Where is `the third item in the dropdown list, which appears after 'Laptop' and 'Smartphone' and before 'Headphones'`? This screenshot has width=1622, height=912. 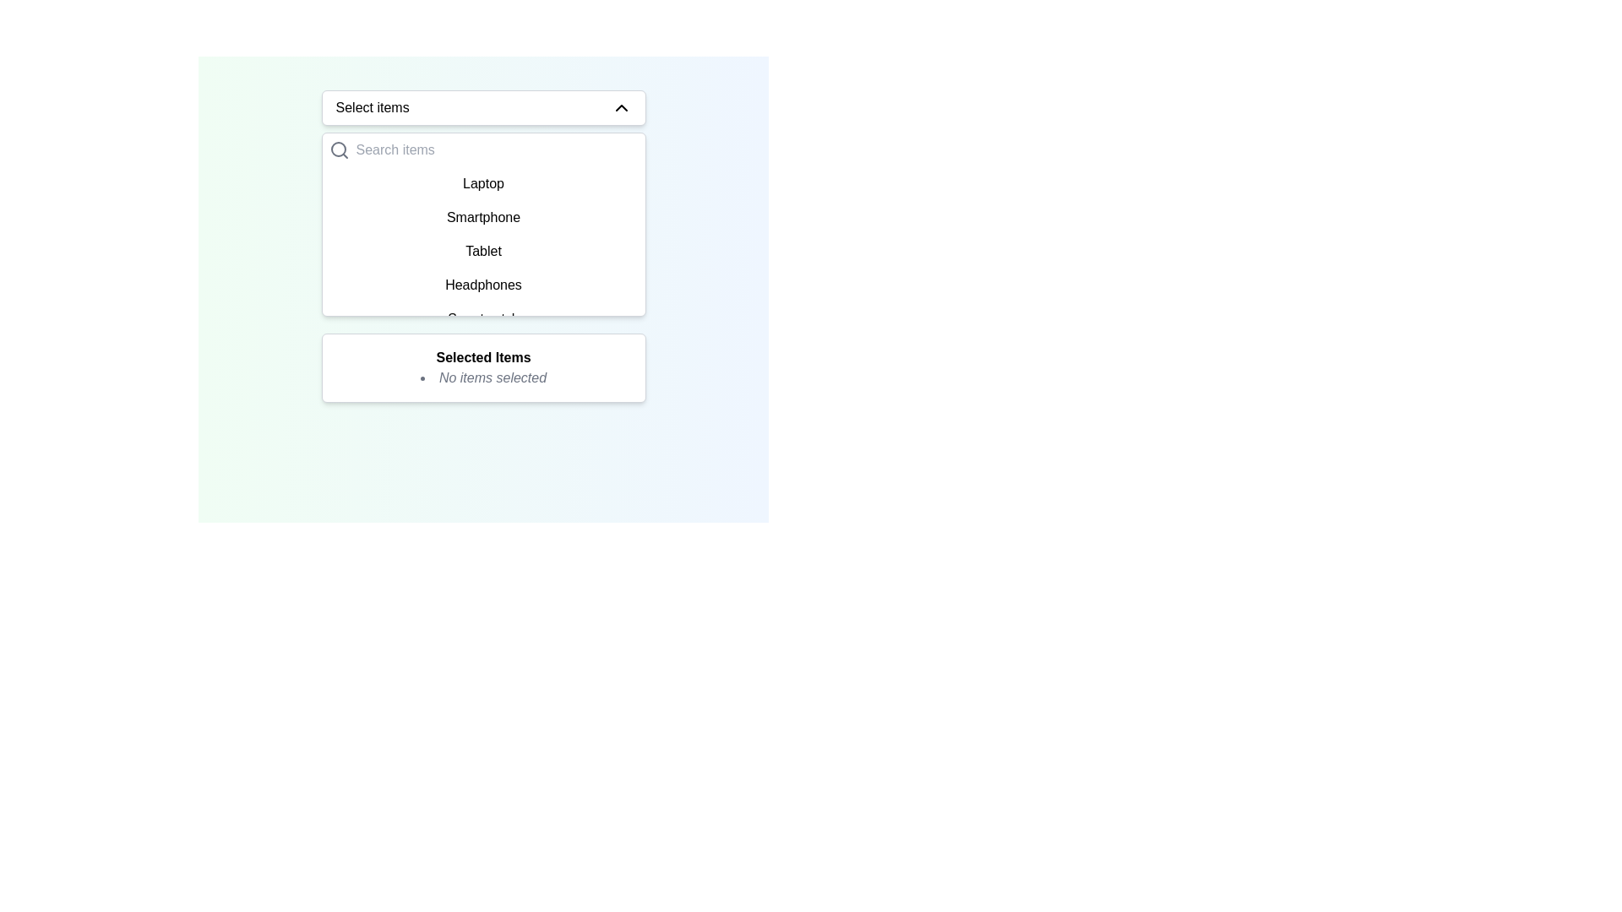 the third item in the dropdown list, which appears after 'Laptop' and 'Smartphone' and before 'Headphones' is located at coordinates (482, 241).